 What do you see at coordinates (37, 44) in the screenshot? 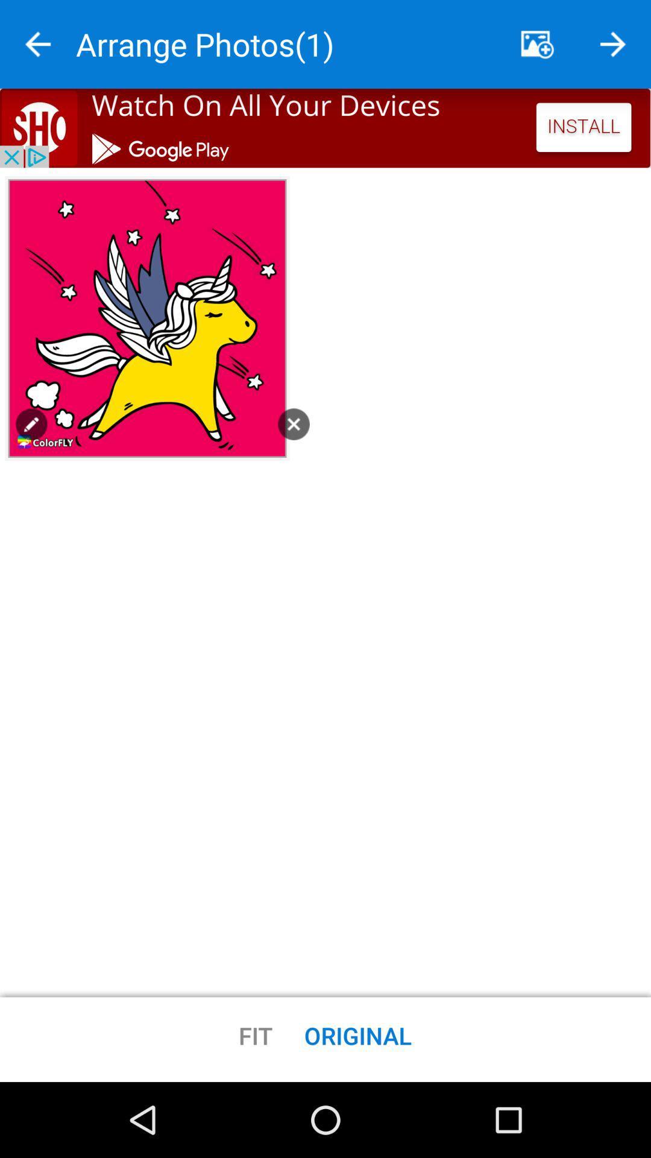
I see `rite` at bounding box center [37, 44].